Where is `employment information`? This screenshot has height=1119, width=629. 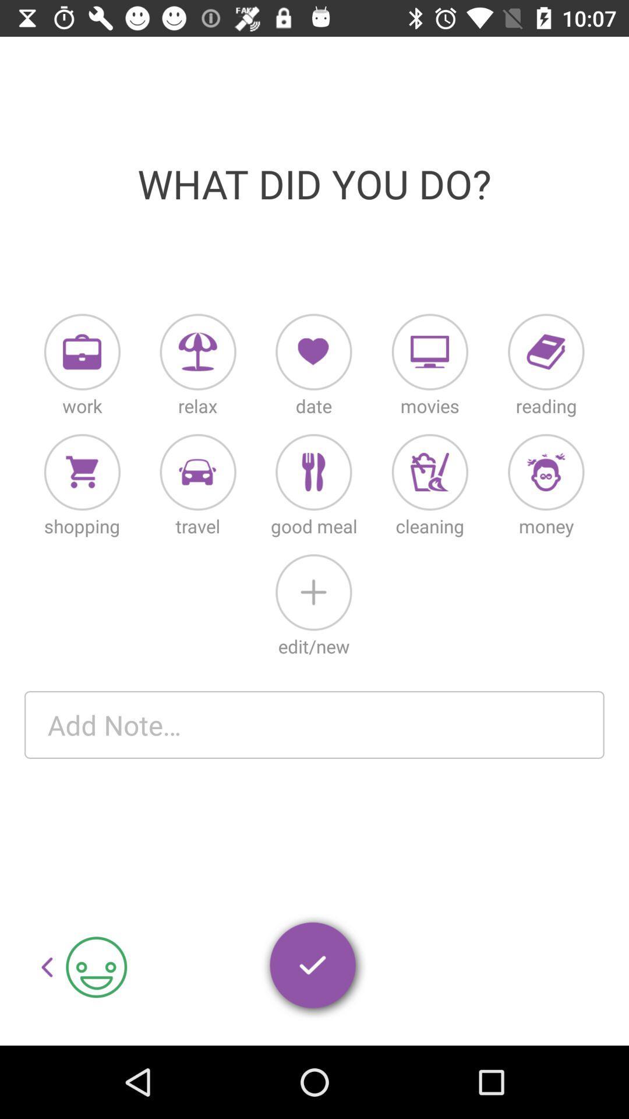
employment information is located at coordinates (82, 351).